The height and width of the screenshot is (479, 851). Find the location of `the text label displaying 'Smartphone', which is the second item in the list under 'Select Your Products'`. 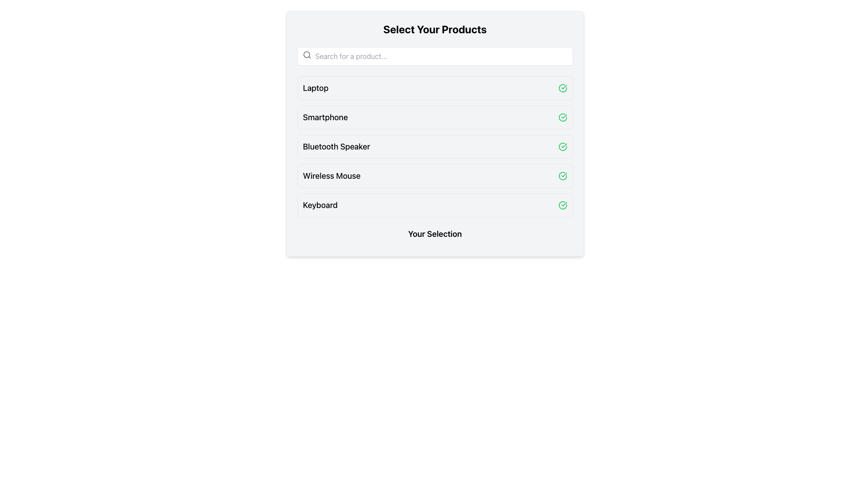

the text label displaying 'Smartphone', which is the second item in the list under 'Select Your Products' is located at coordinates (325, 117).